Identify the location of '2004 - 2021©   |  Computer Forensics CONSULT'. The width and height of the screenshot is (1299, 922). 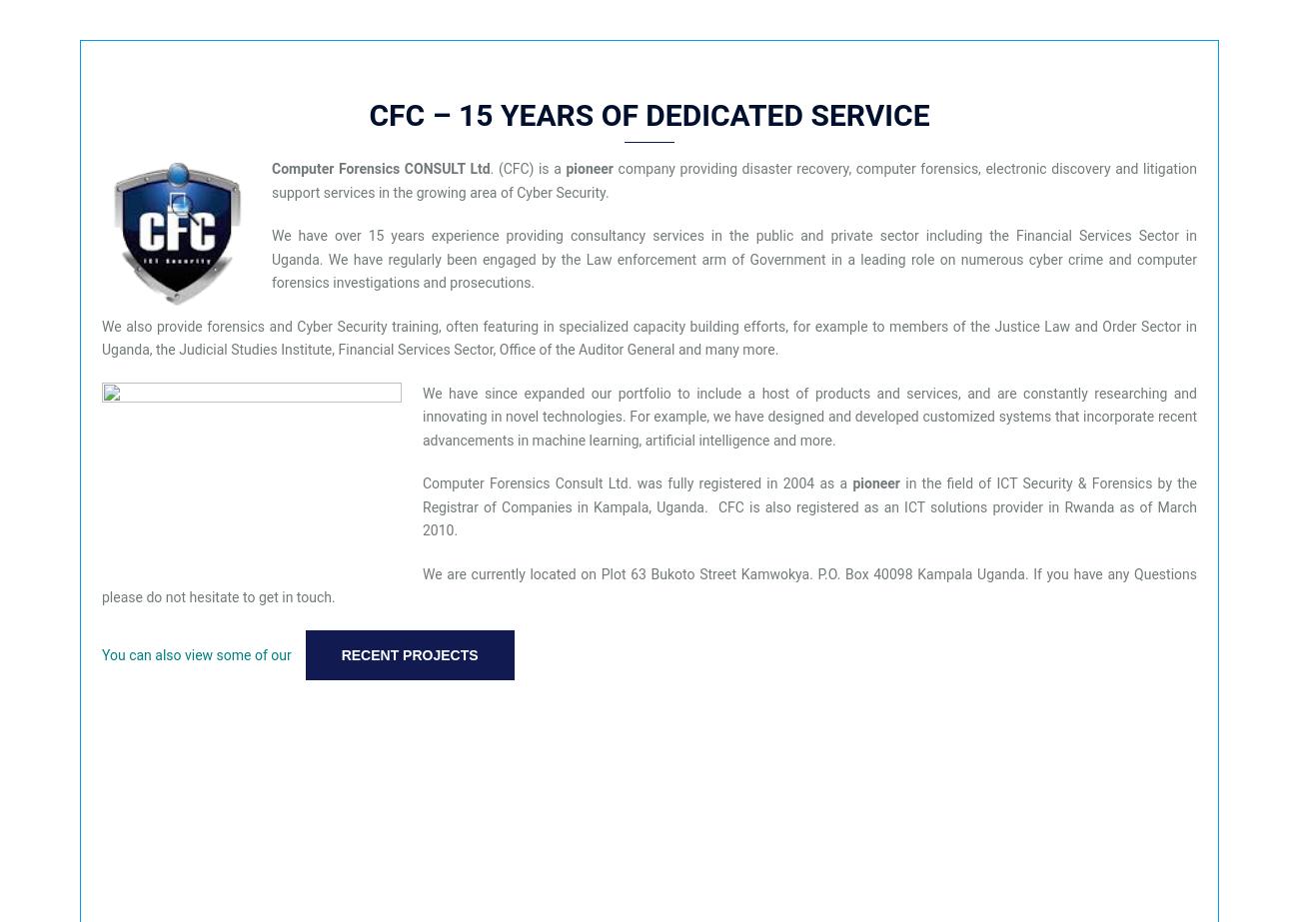
(649, 428).